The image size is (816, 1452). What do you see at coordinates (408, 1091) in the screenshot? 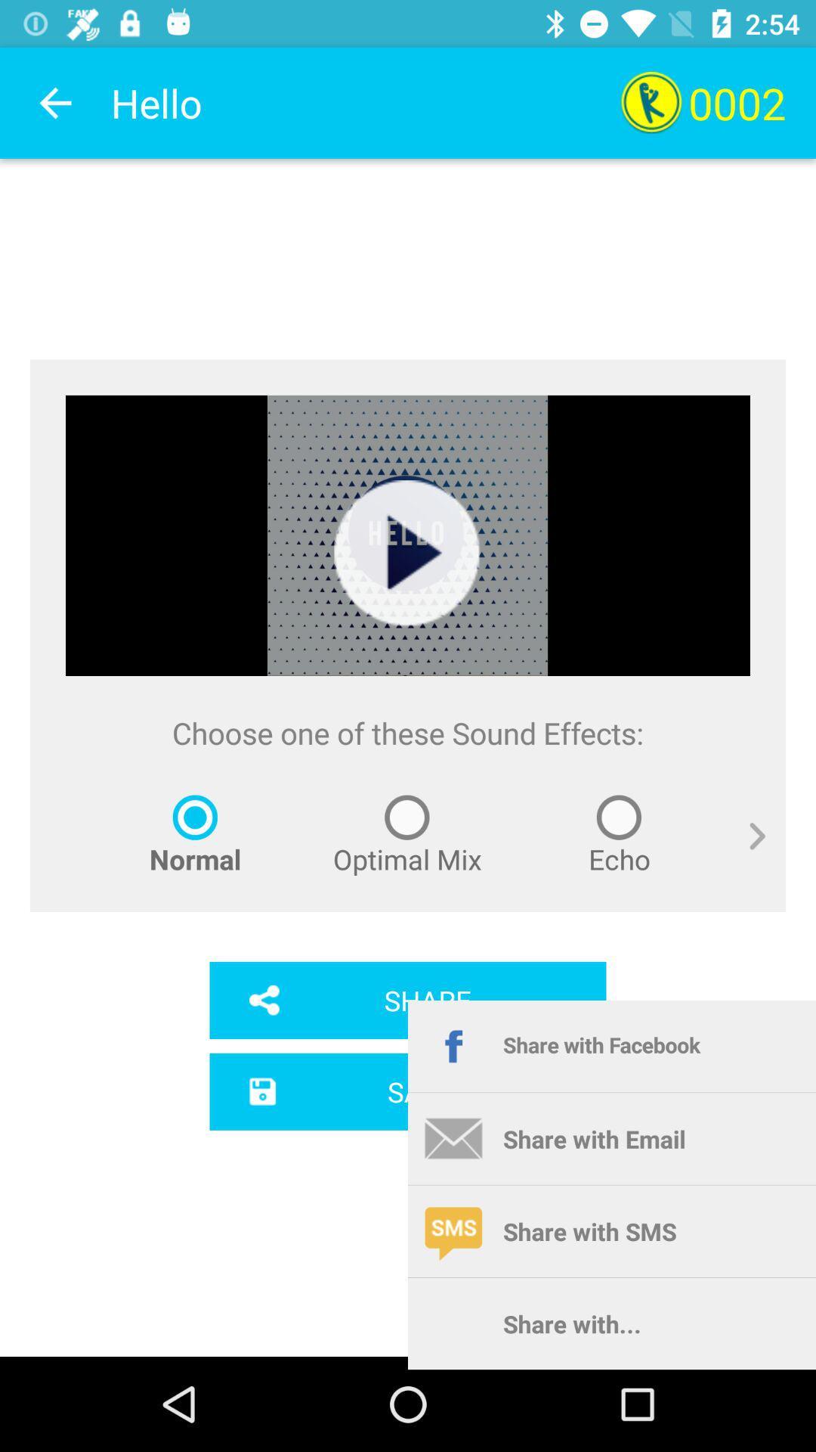
I see `app below the share icon` at bounding box center [408, 1091].